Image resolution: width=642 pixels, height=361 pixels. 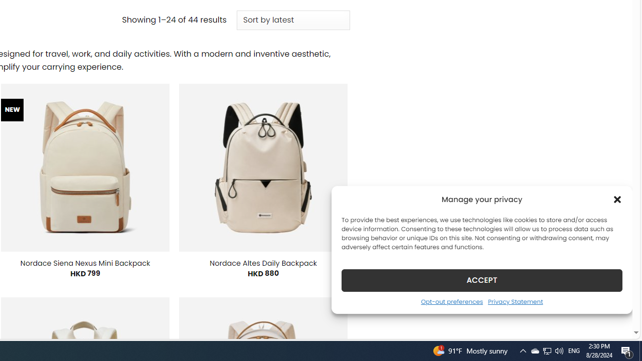 I want to click on 'Shop order', so click(x=292, y=21).